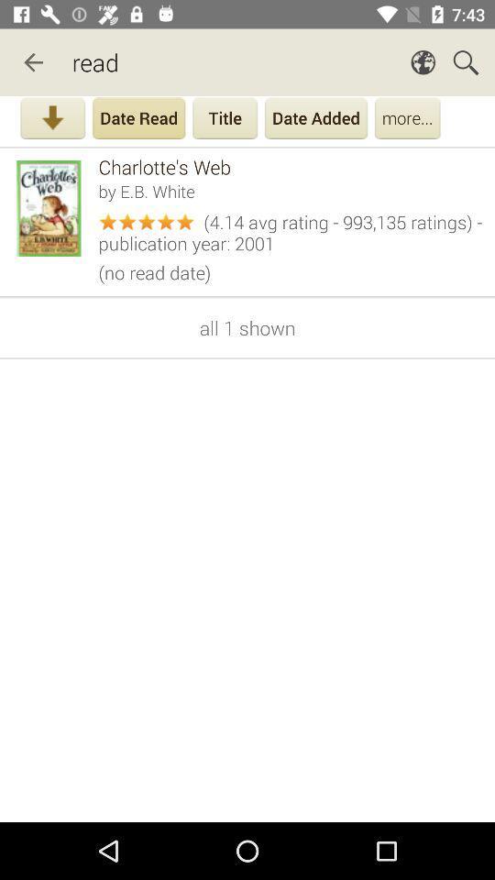 Image resolution: width=495 pixels, height=880 pixels. What do you see at coordinates (291, 167) in the screenshot?
I see `the icon above by e b icon` at bounding box center [291, 167].